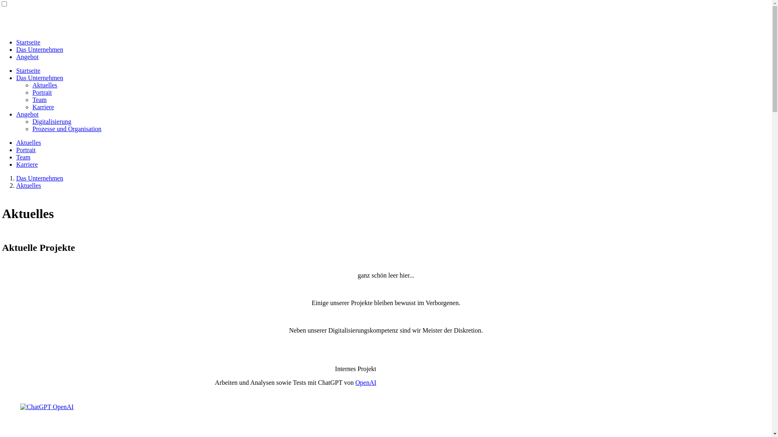  I want to click on 'Angebot', so click(27, 56).